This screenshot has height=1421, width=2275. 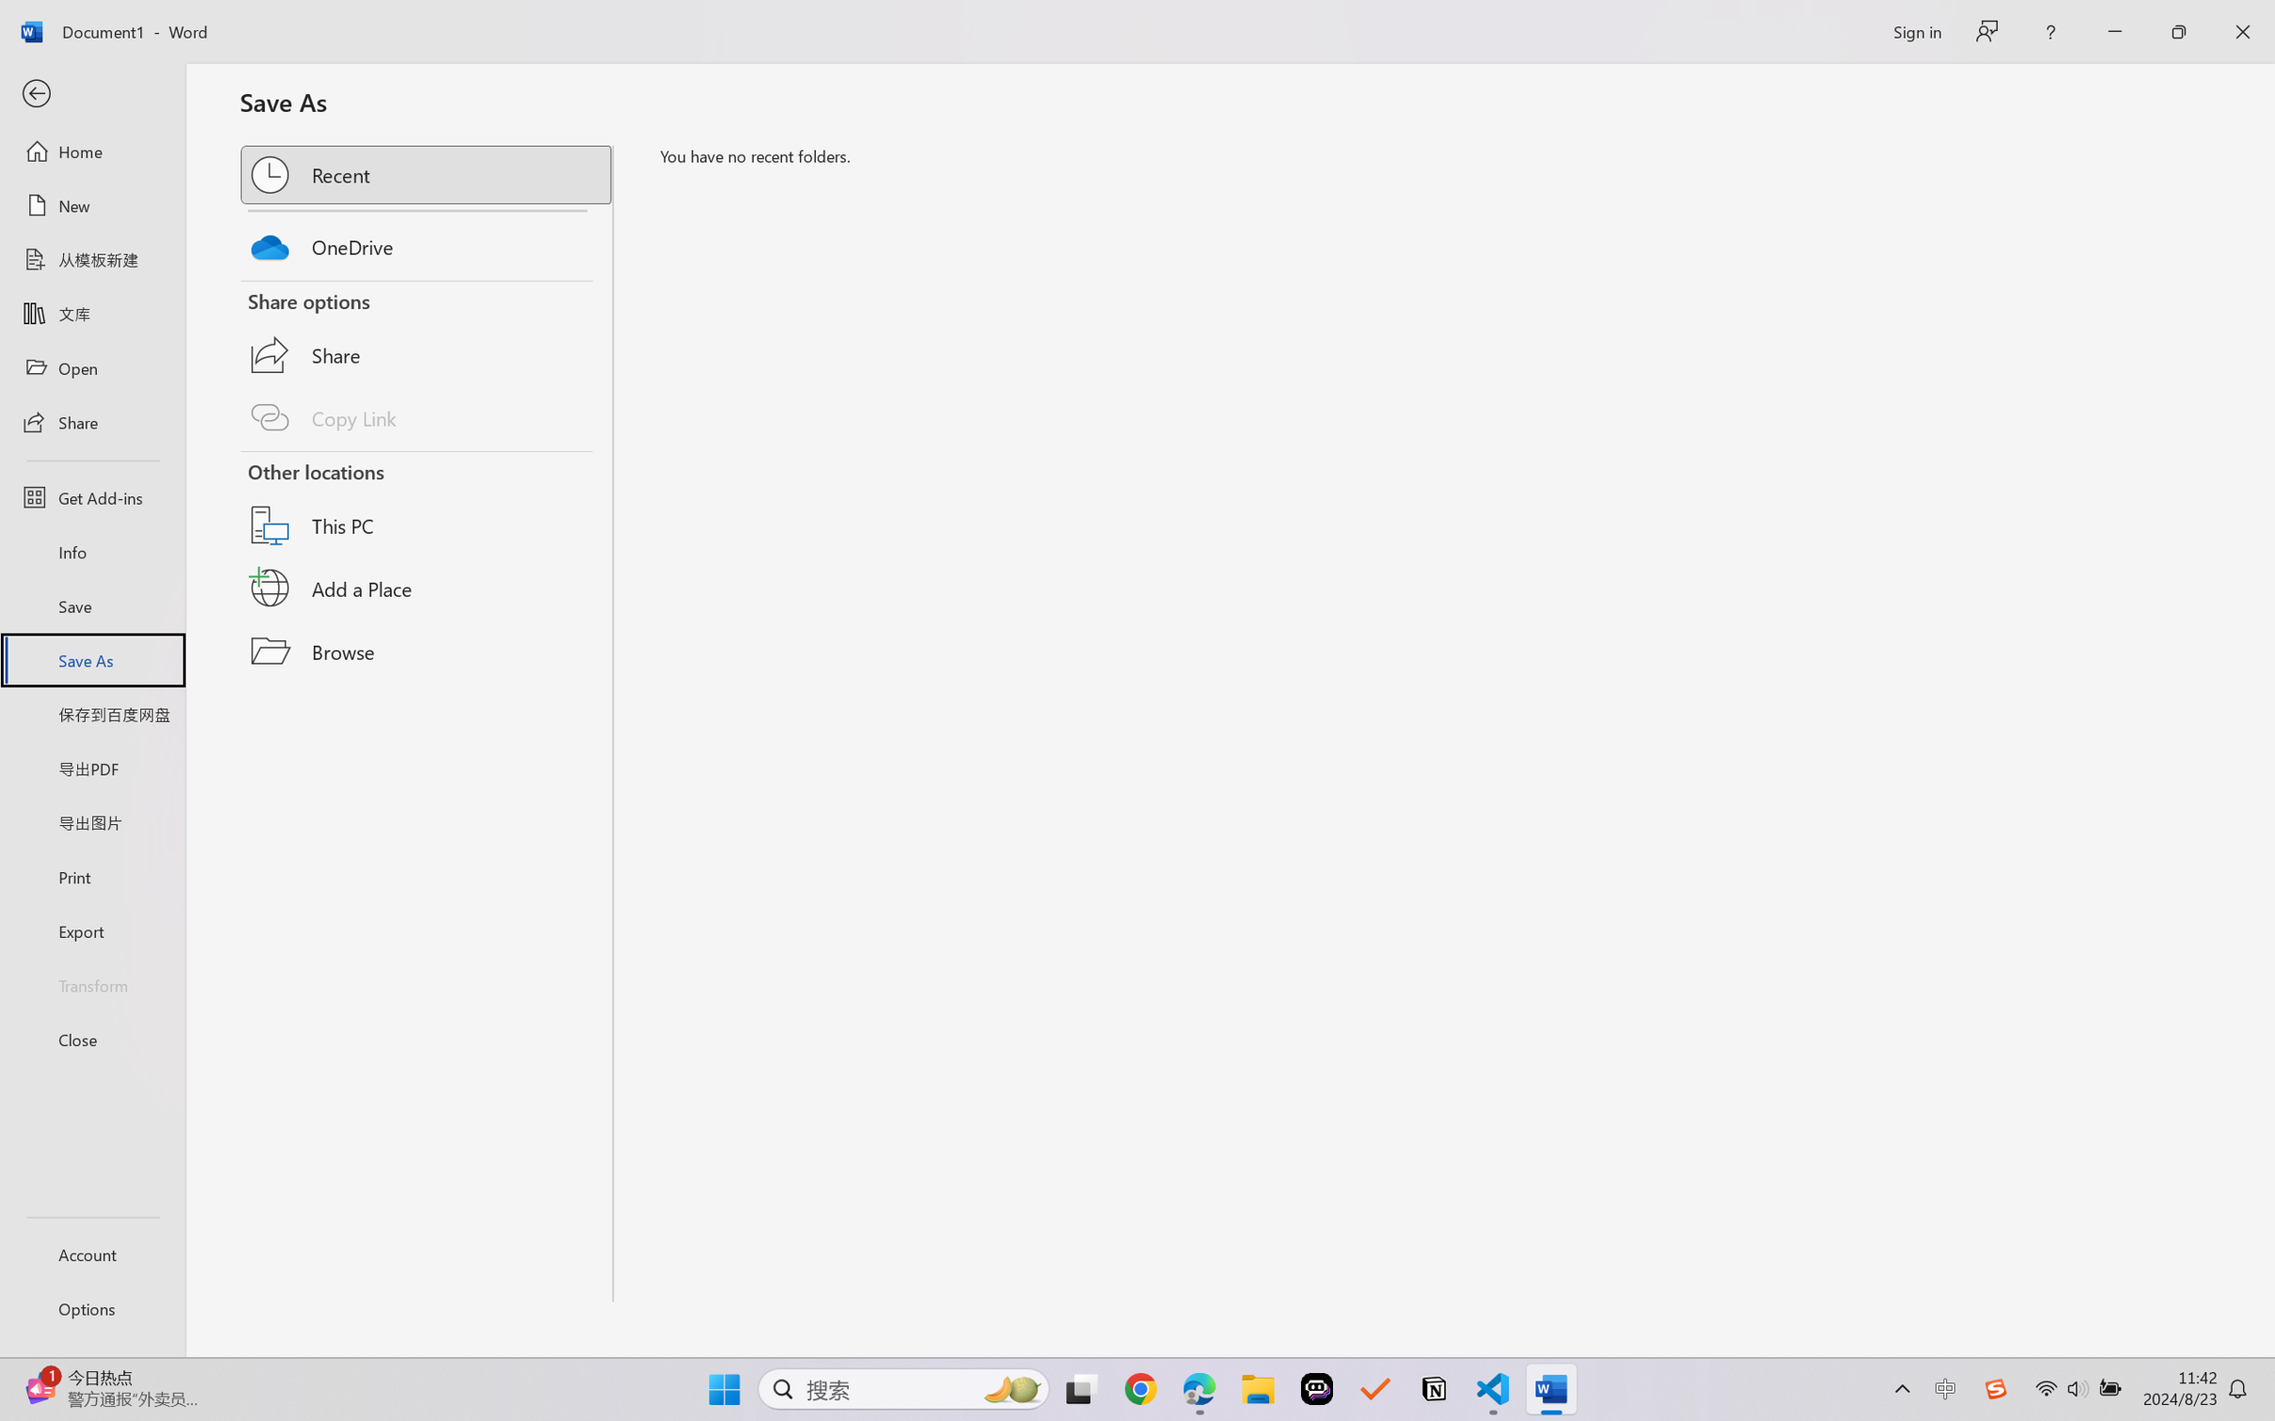 What do you see at coordinates (91, 1307) in the screenshot?
I see `'Options'` at bounding box center [91, 1307].